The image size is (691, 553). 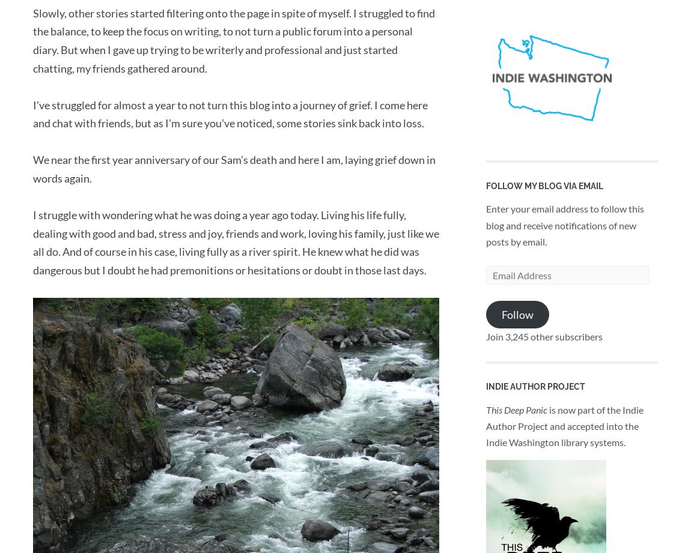 I want to click on 'Follow my blog via Email', so click(x=486, y=185).